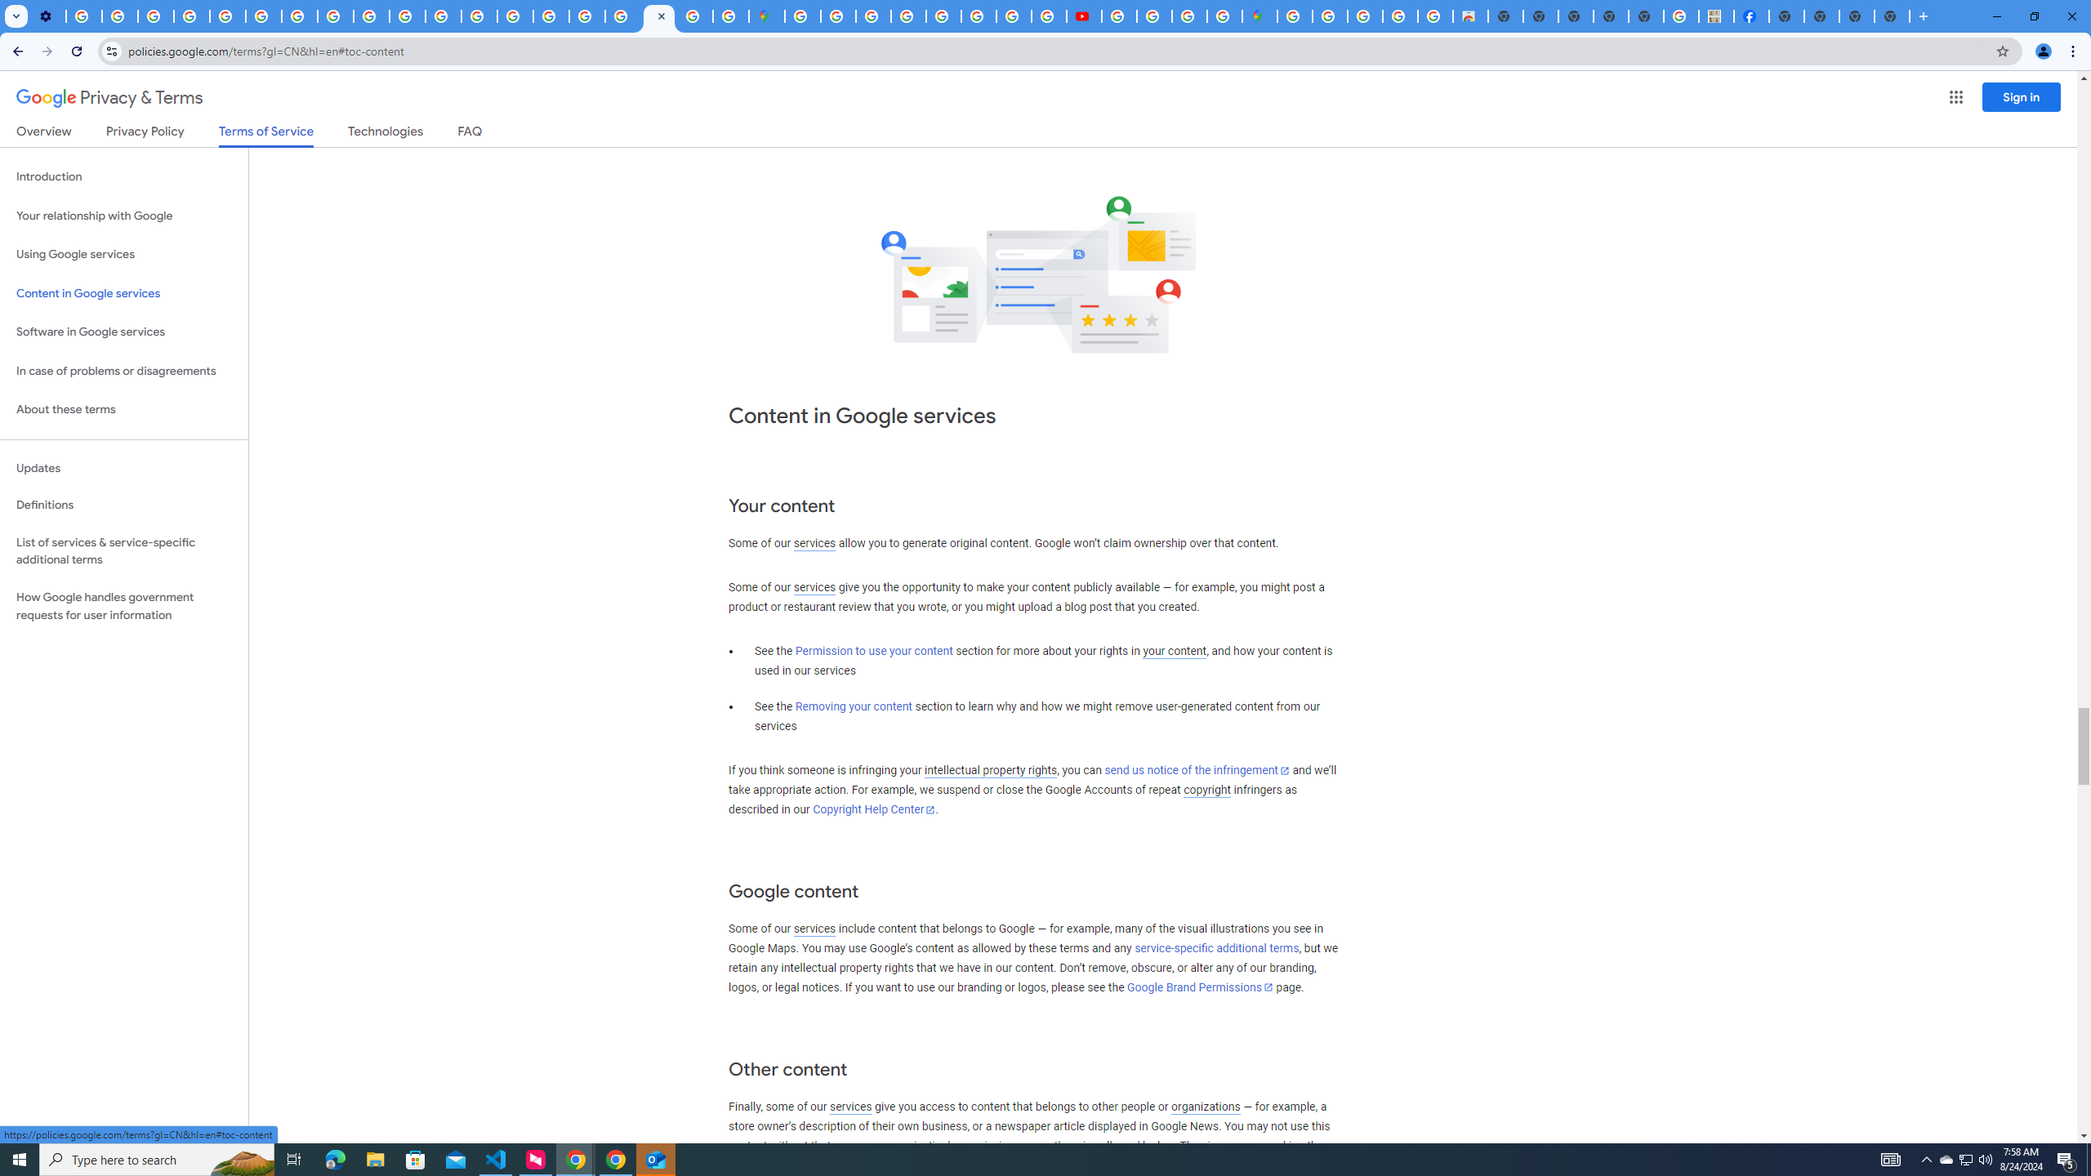 Image resolution: width=2091 pixels, height=1176 pixels. I want to click on 'organizations', so click(1205, 1107).